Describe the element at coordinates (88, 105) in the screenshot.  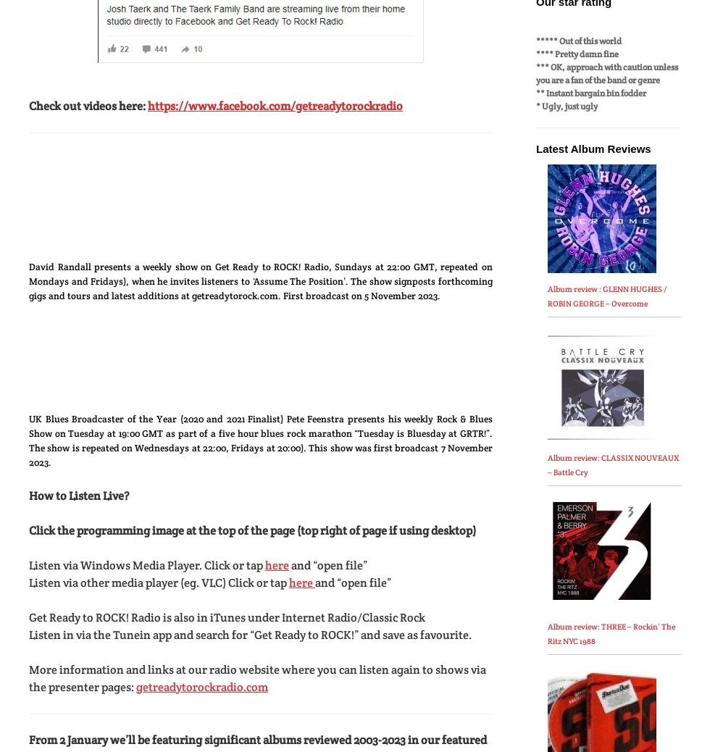
I see `'Check out videos here:'` at that location.